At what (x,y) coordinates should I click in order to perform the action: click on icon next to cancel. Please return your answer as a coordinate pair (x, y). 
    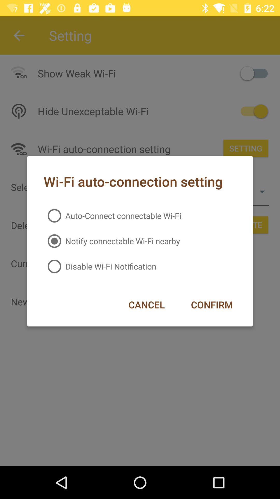
    Looking at the image, I should click on (212, 305).